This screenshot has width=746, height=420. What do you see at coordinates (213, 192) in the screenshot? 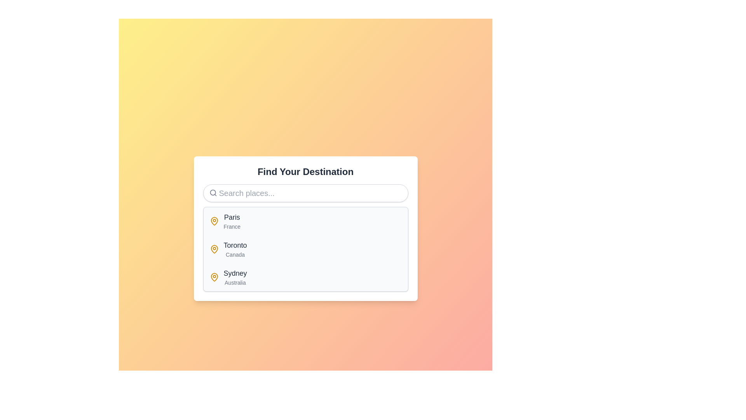
I see `the small grey magnifying glass icon that represents the search feature, located to the left within the search bar underneath 'Find Your Destination'` at bounding box center [213, 192].